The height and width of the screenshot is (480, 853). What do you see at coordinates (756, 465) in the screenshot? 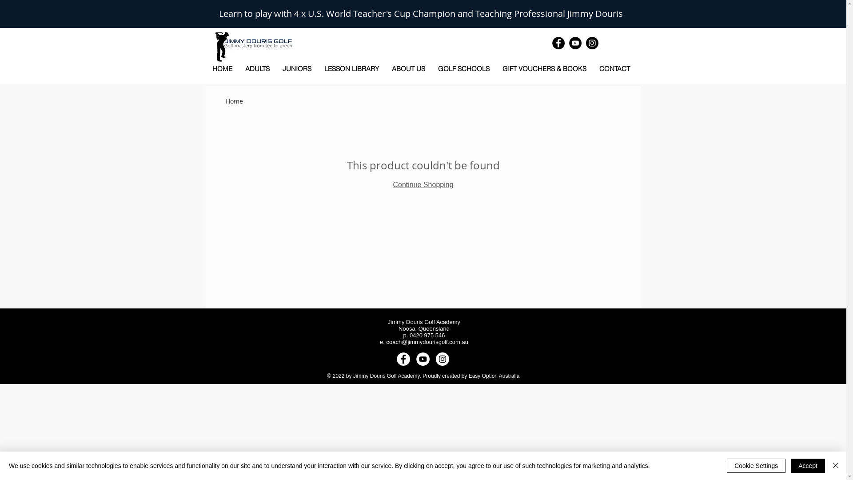
I see `'Cookie Settings'` at bounding box center [756, 465].